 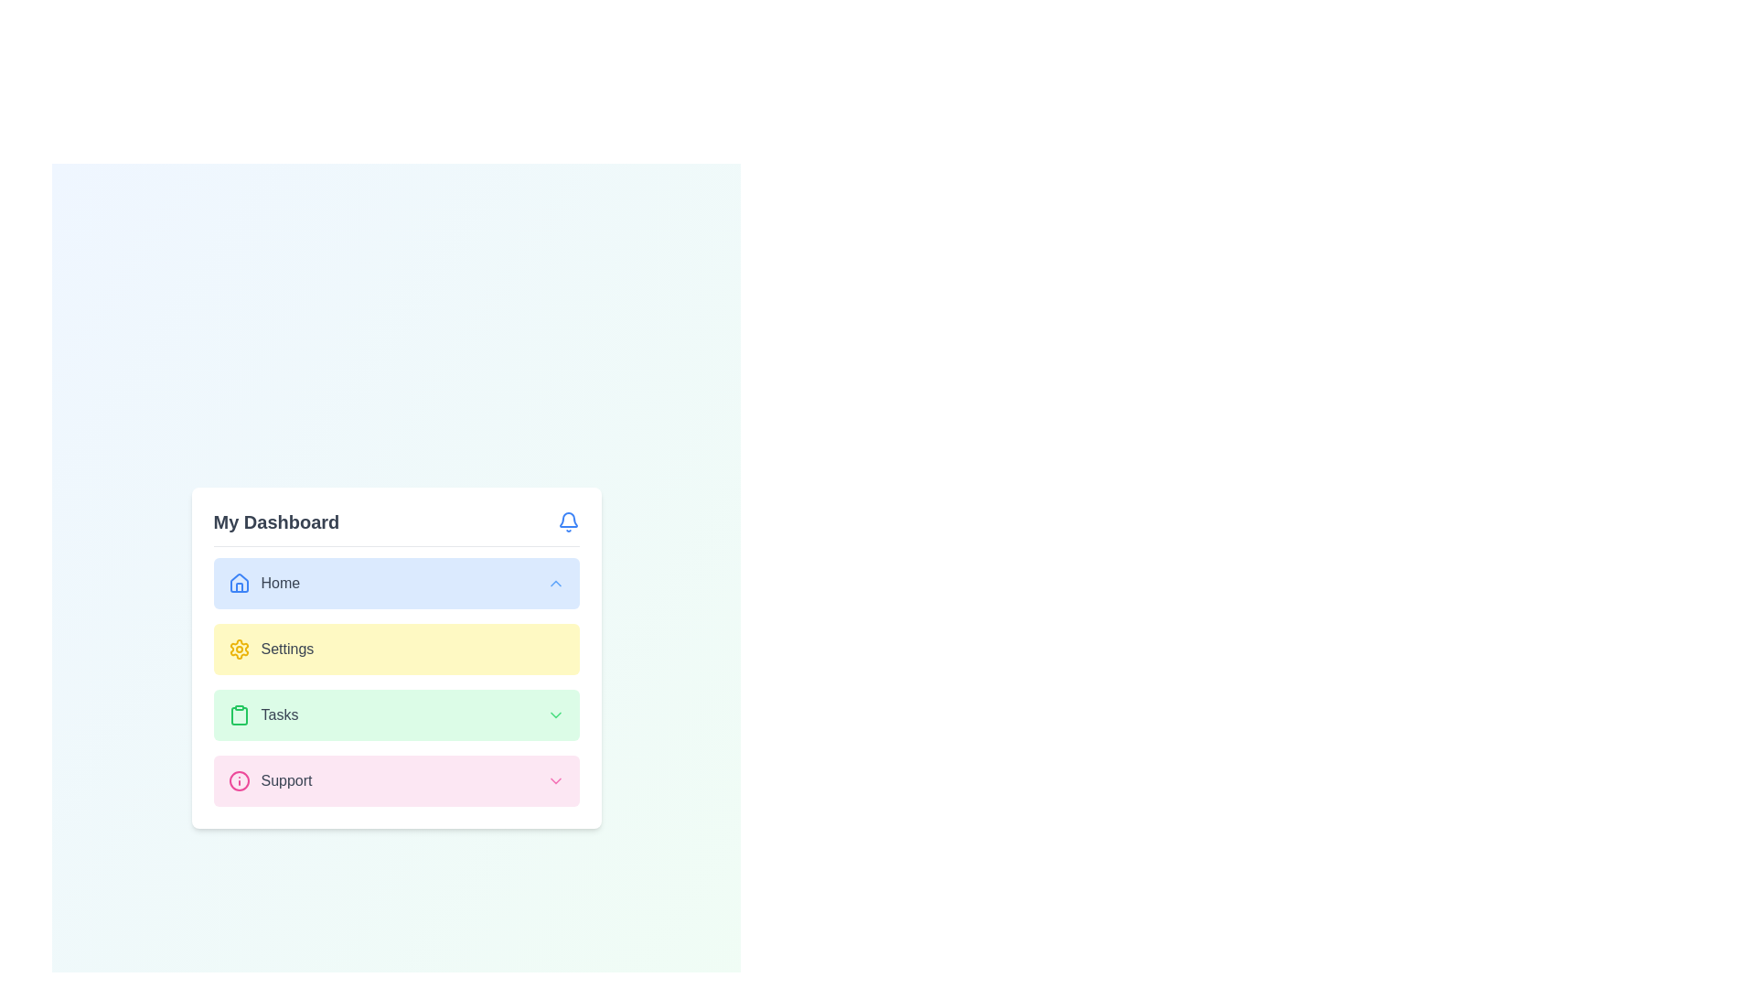 What do you see at coordinates (279, 583) in the screenshot?
I see `the 'Home' text label, which is styled with a medium font and gray color, positioned to the right of a blue house icon in the 'My Dashboard' section` at bounding box center [279, 583].